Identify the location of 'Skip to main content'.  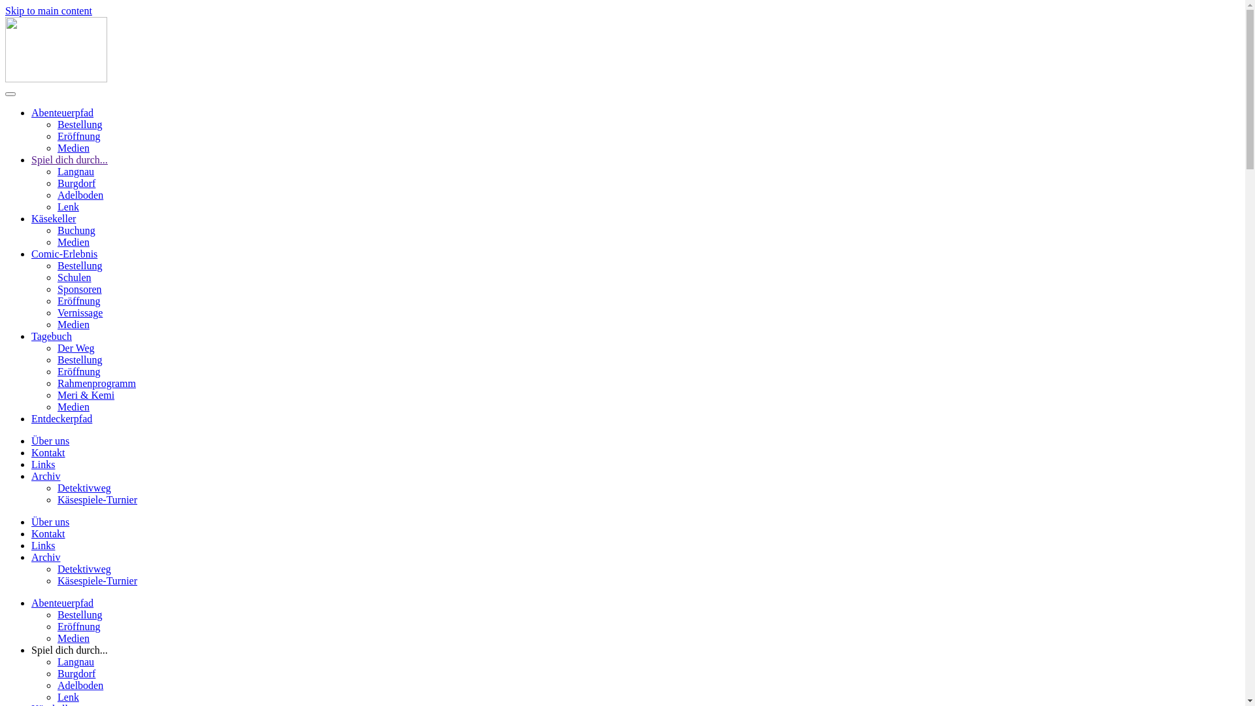
(48, 10).